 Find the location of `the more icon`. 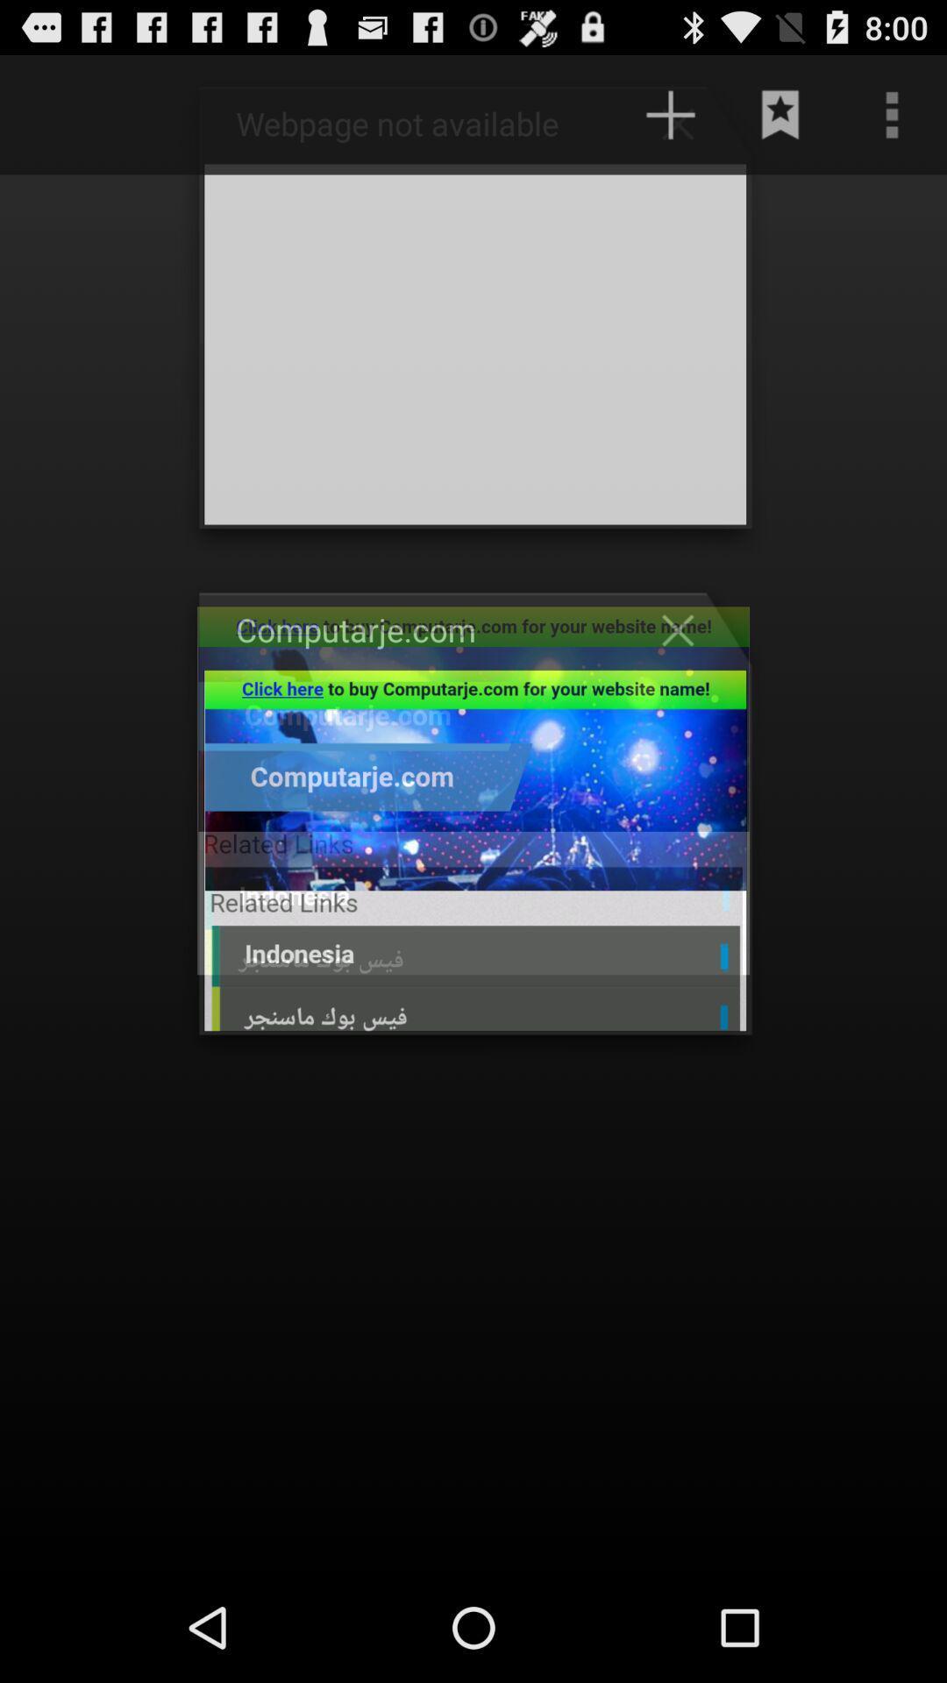

the more icon is located at coordinates (892, 122).